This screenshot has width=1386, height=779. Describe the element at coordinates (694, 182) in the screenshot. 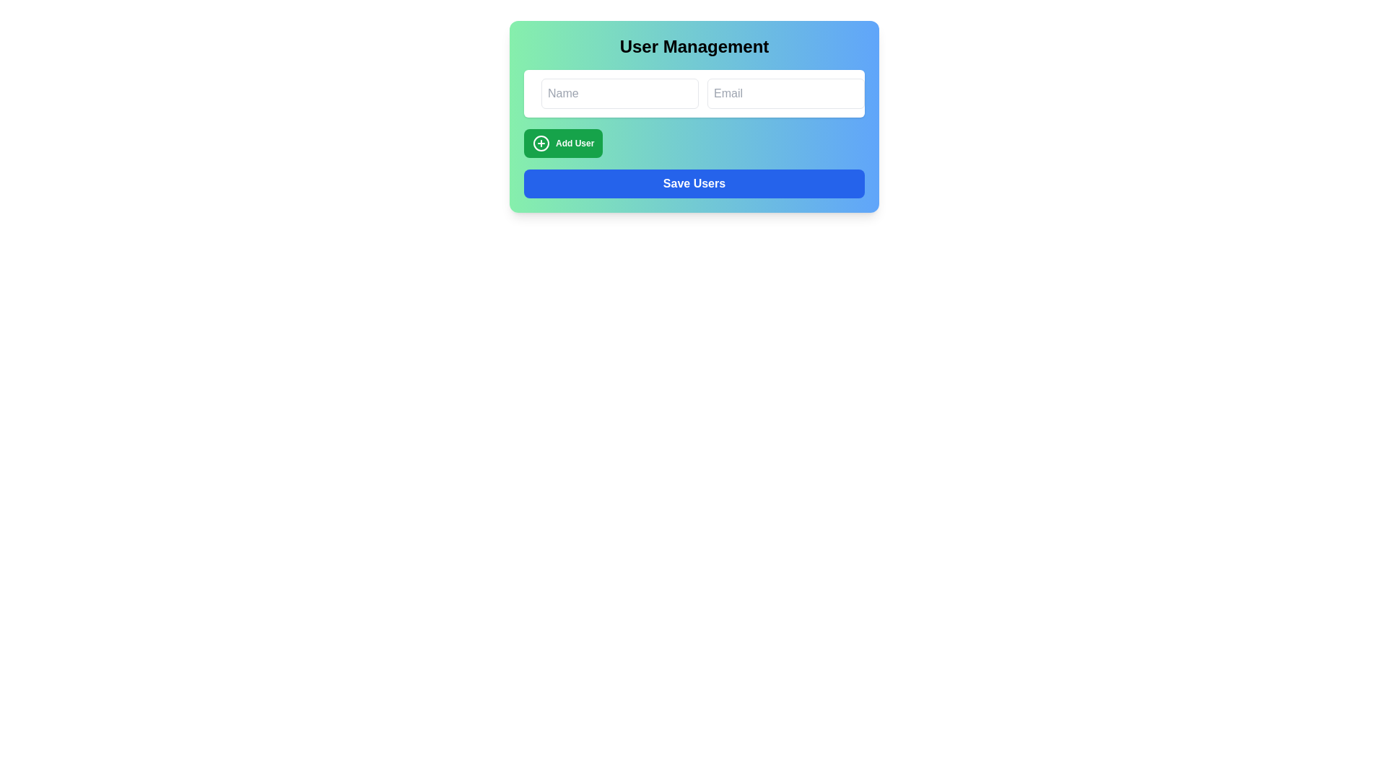

I see `the submit button located at the bottom of the form` at that location.